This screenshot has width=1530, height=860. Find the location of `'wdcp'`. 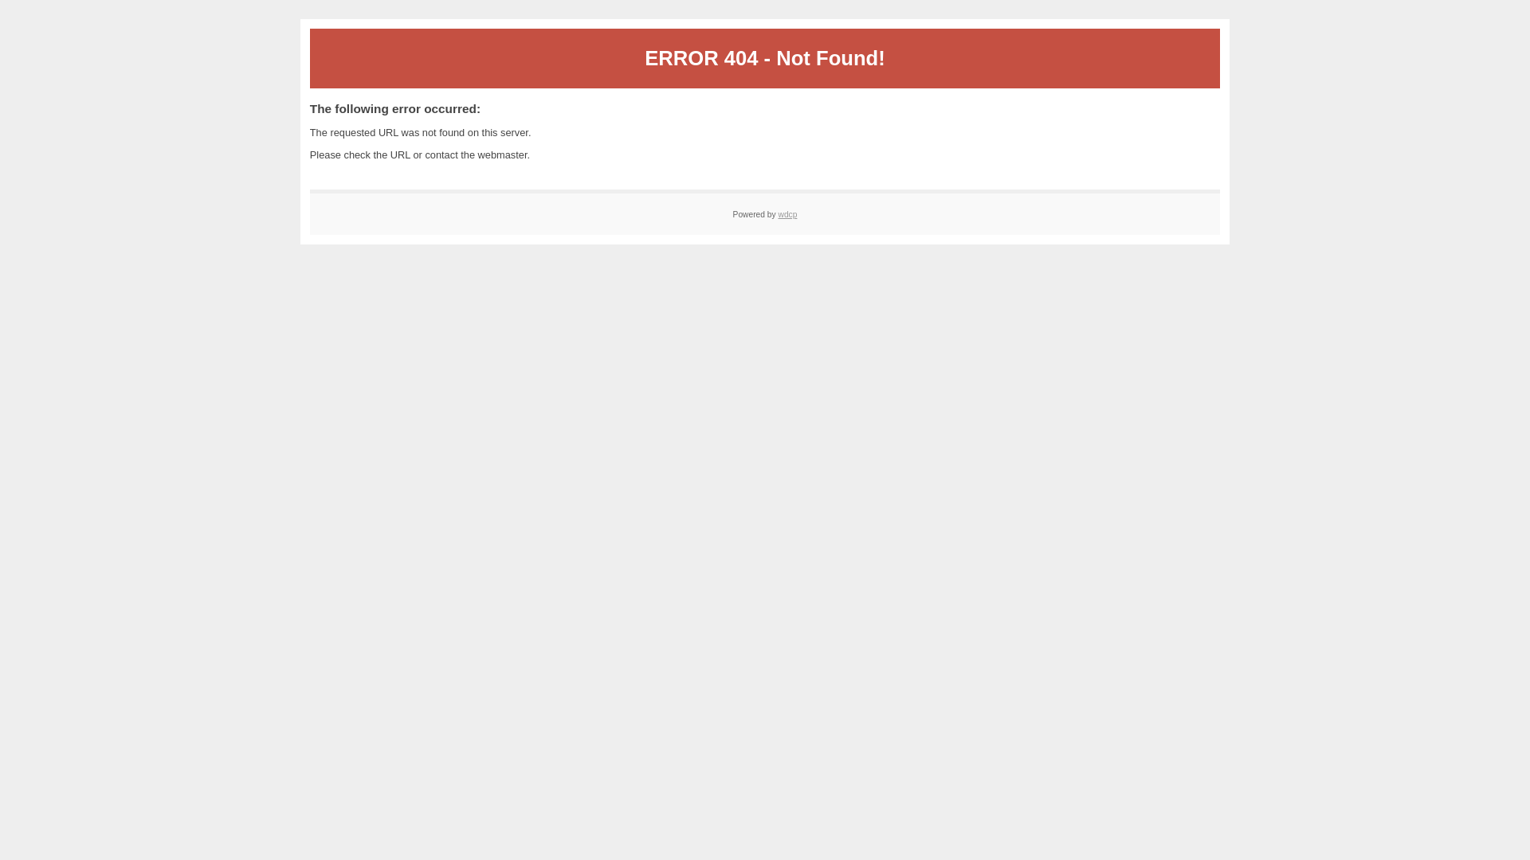

'wdcp' is located at coordinates (787, 213).